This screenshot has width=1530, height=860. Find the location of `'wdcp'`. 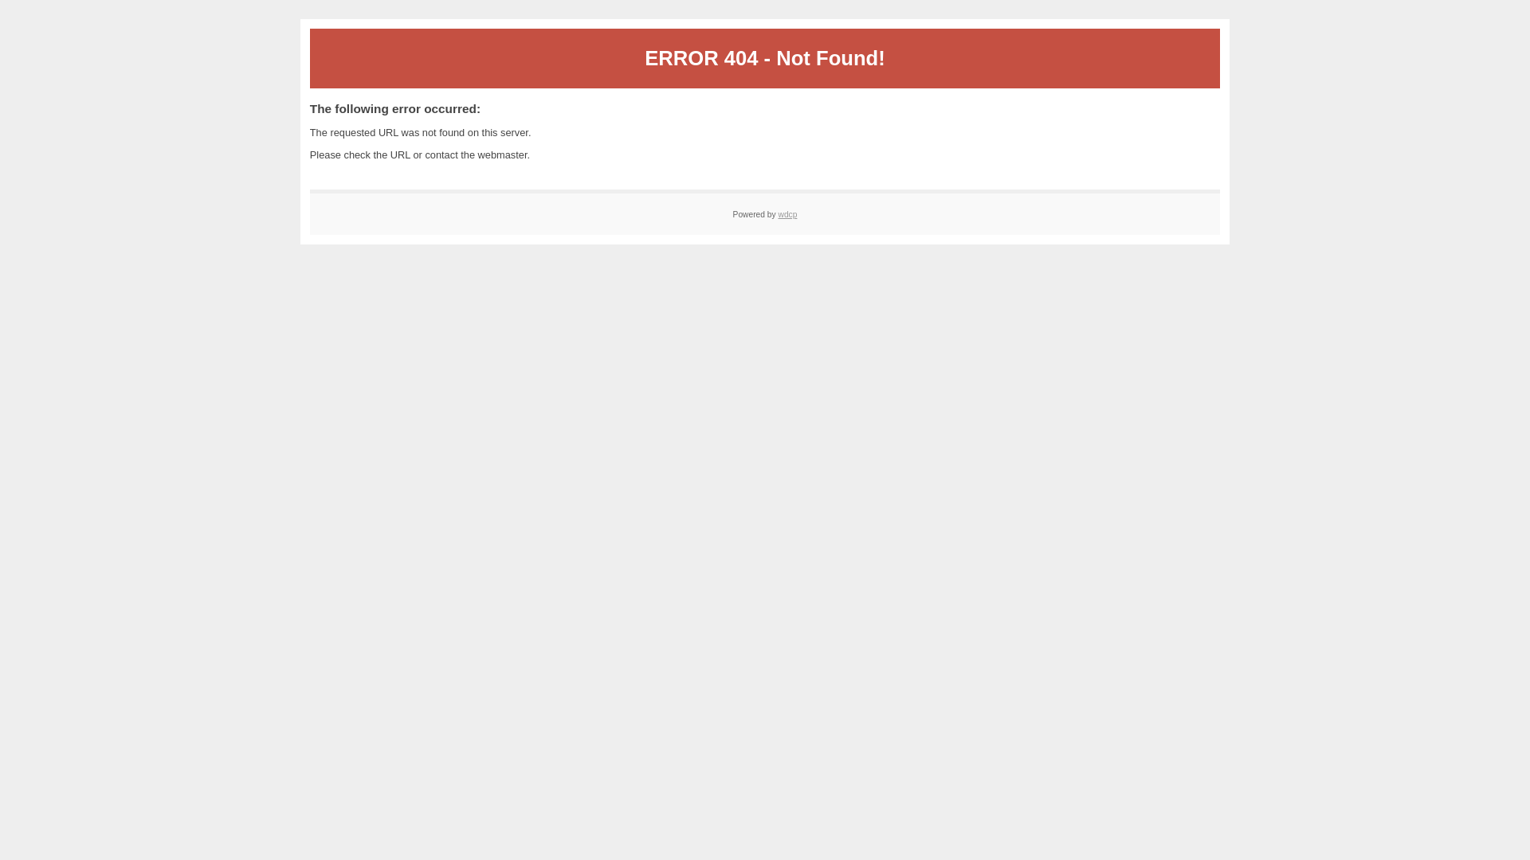

'wdcp' is located at coordinates (787, 213).